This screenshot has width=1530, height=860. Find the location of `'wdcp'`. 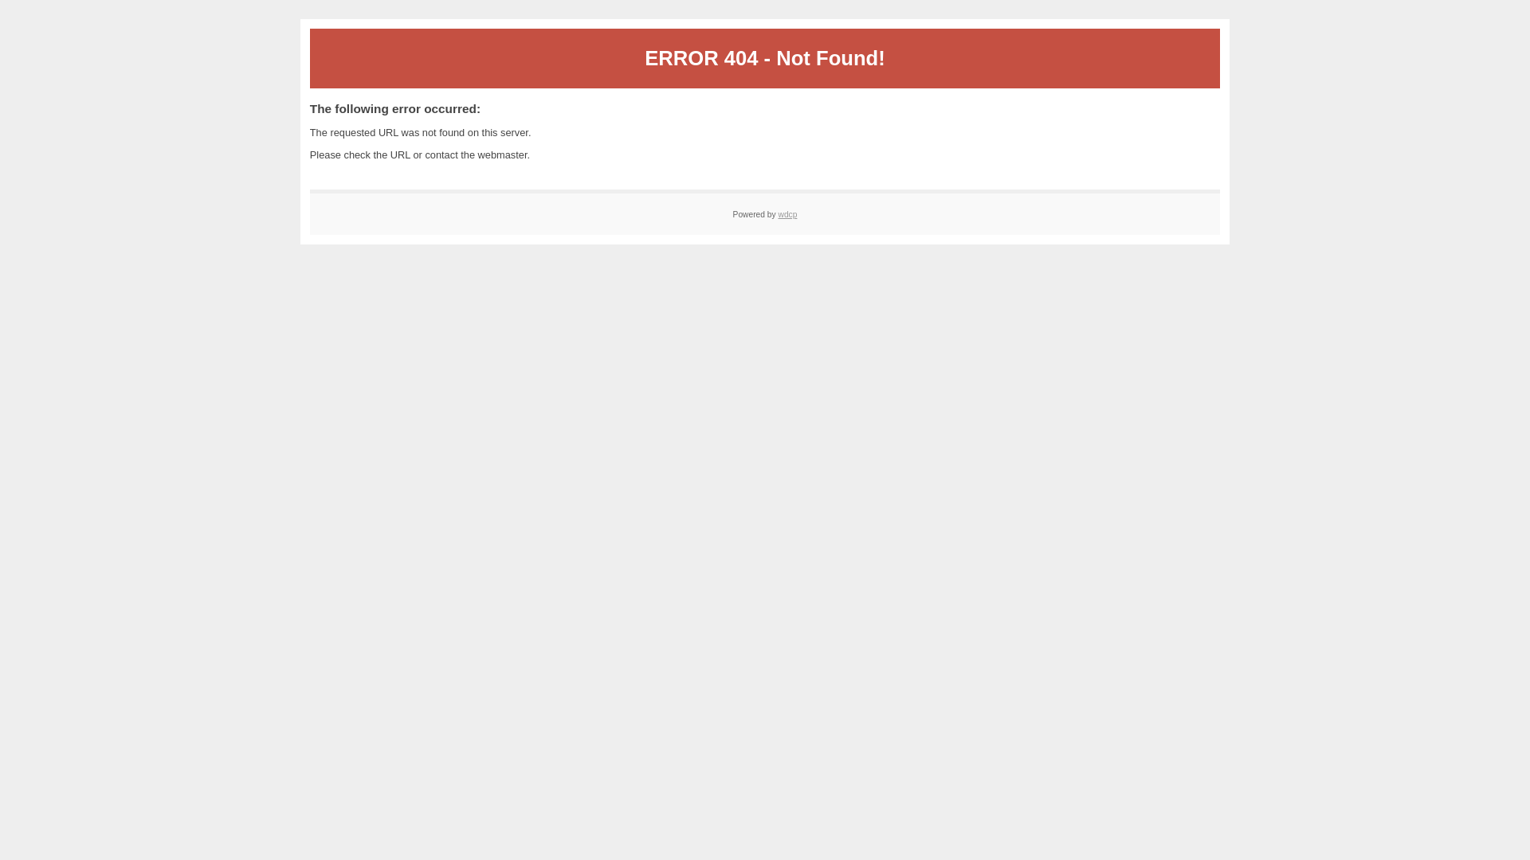

'wdcp' is located at coordinates (787, 213).